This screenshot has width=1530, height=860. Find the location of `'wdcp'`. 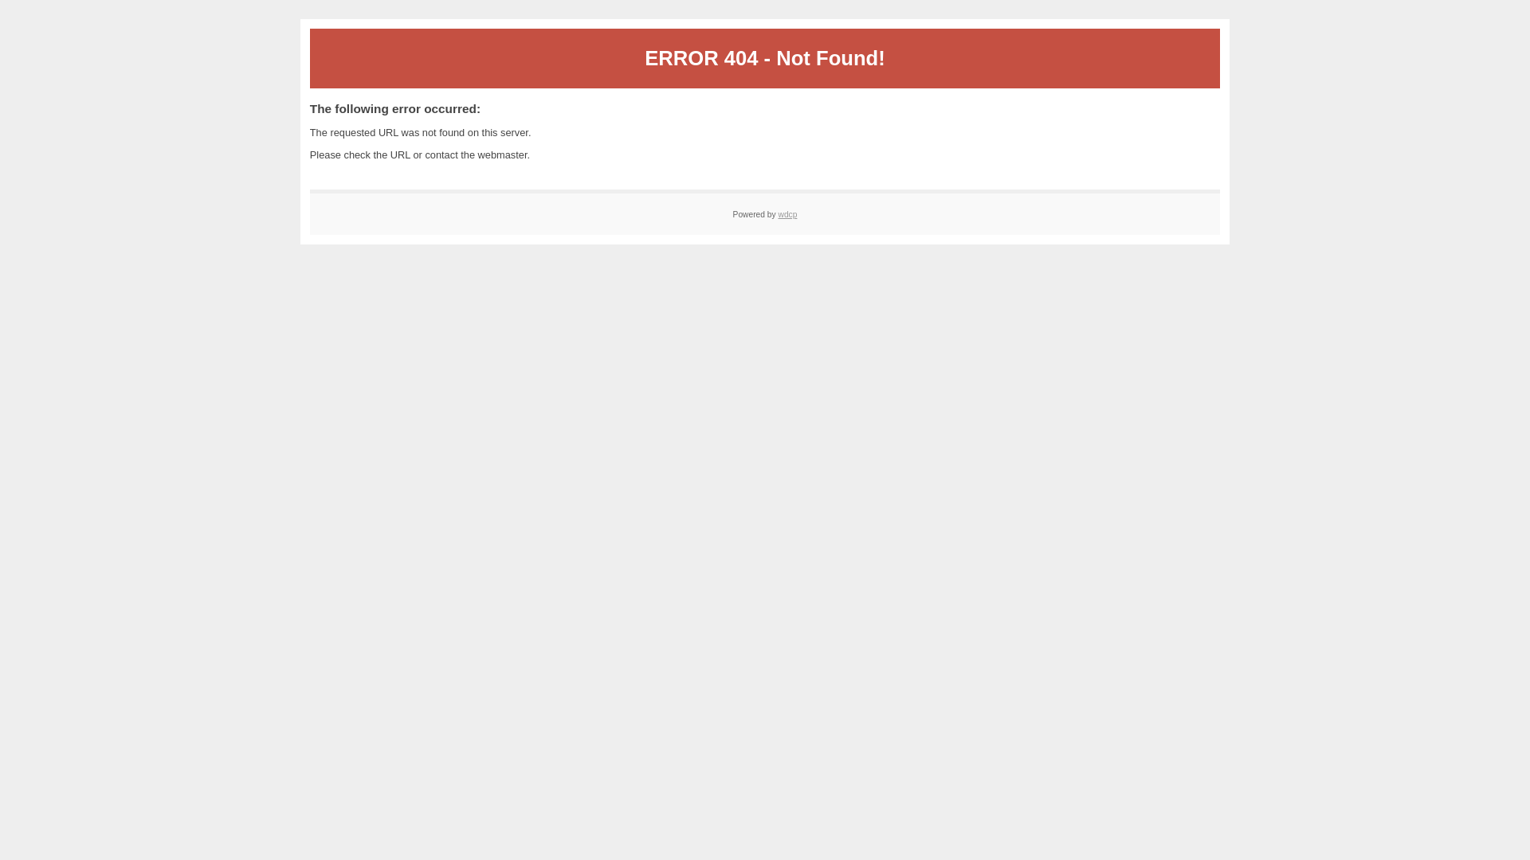

'wdcp' is located at coordinates (787, 213).